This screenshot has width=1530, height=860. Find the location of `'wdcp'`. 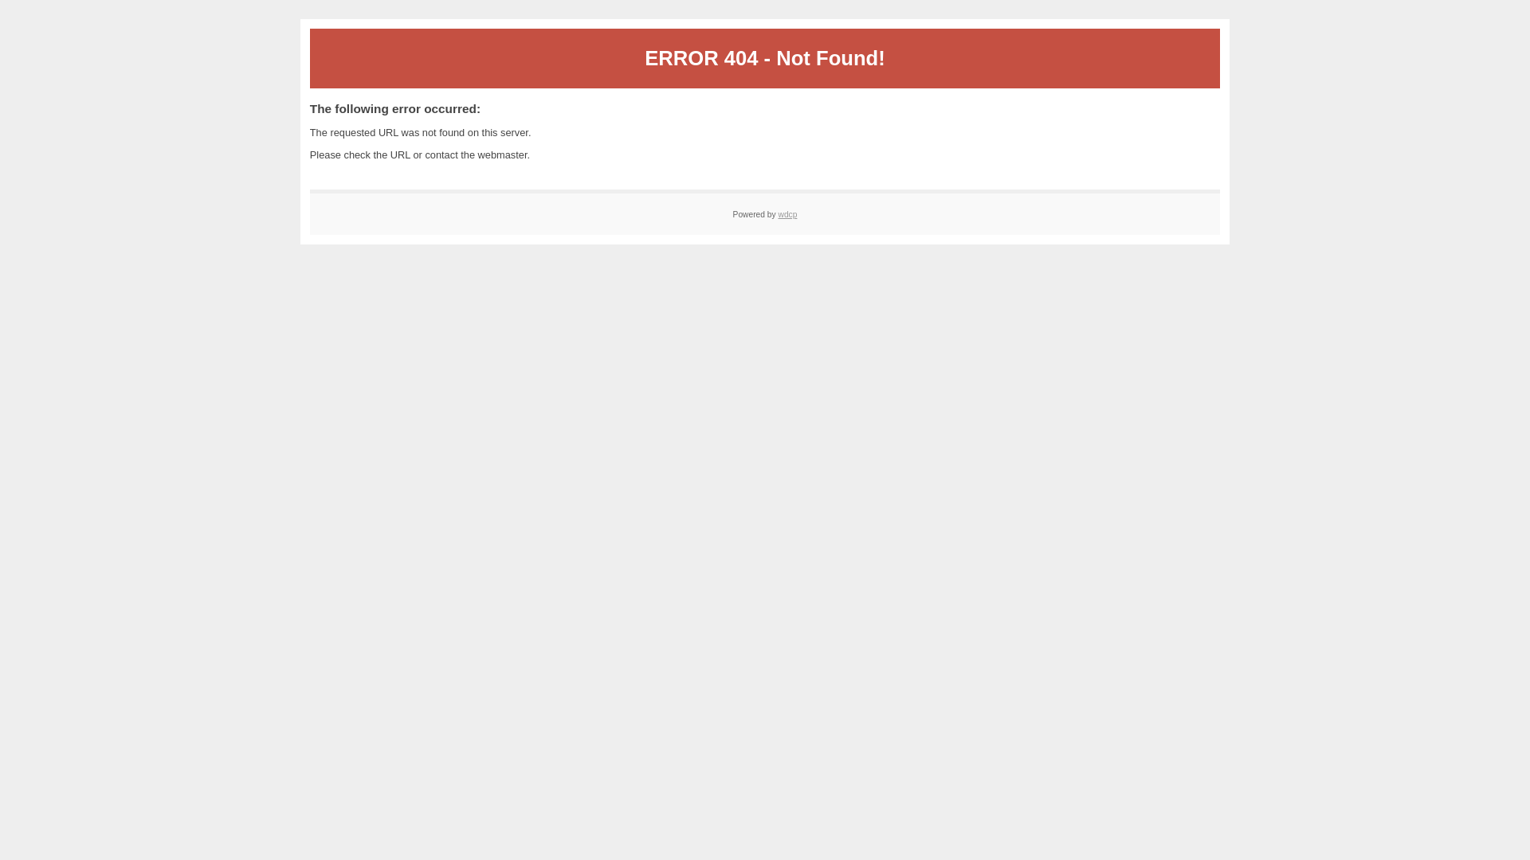

'wdcp' is located at coordinates (787, 213).